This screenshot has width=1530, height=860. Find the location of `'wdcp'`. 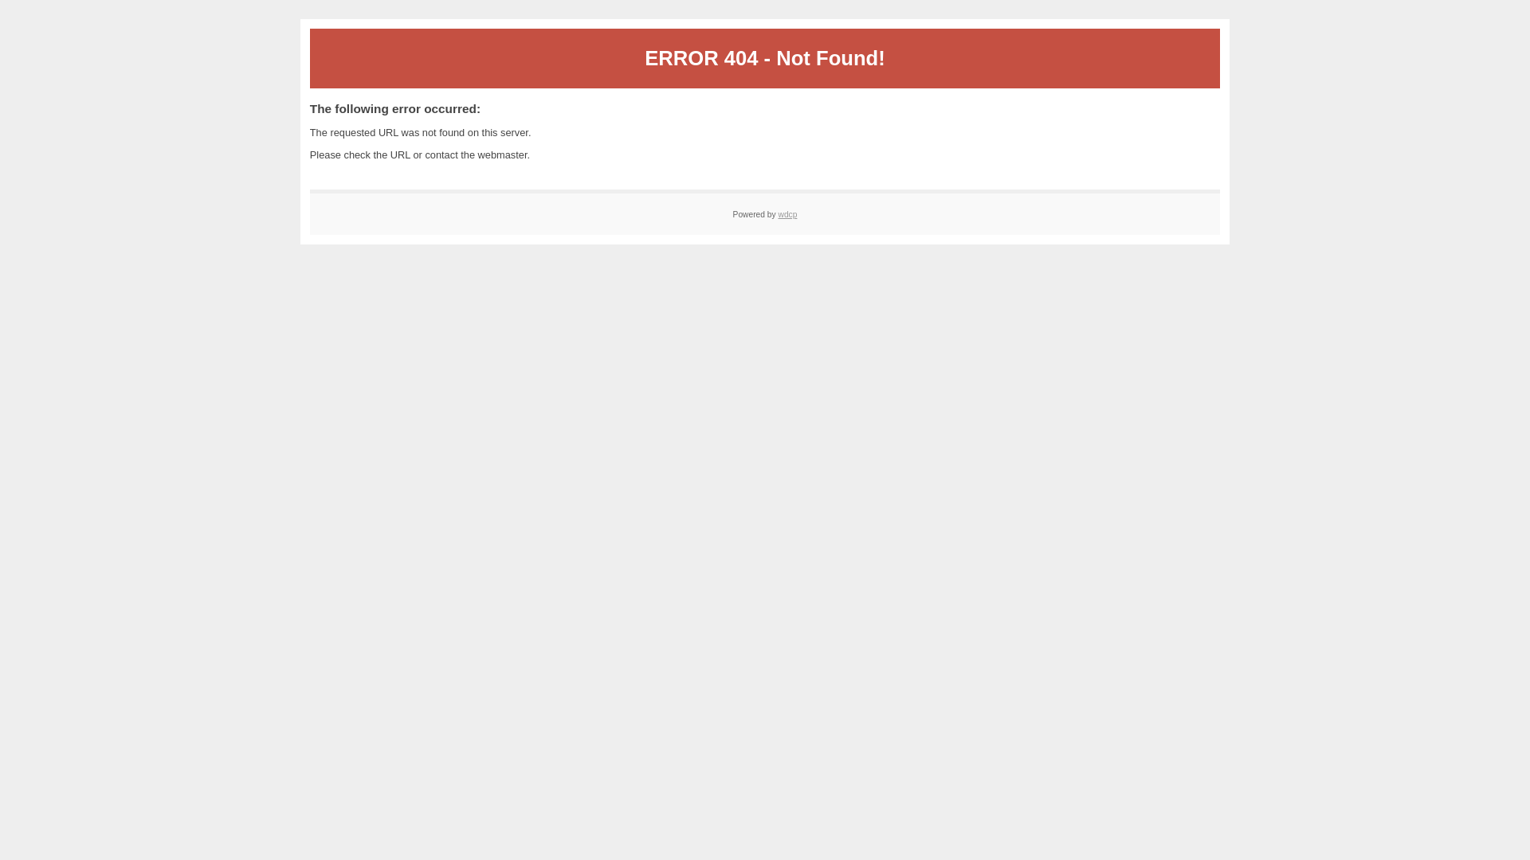

'wdcp' is located at coordinates (787, 213).